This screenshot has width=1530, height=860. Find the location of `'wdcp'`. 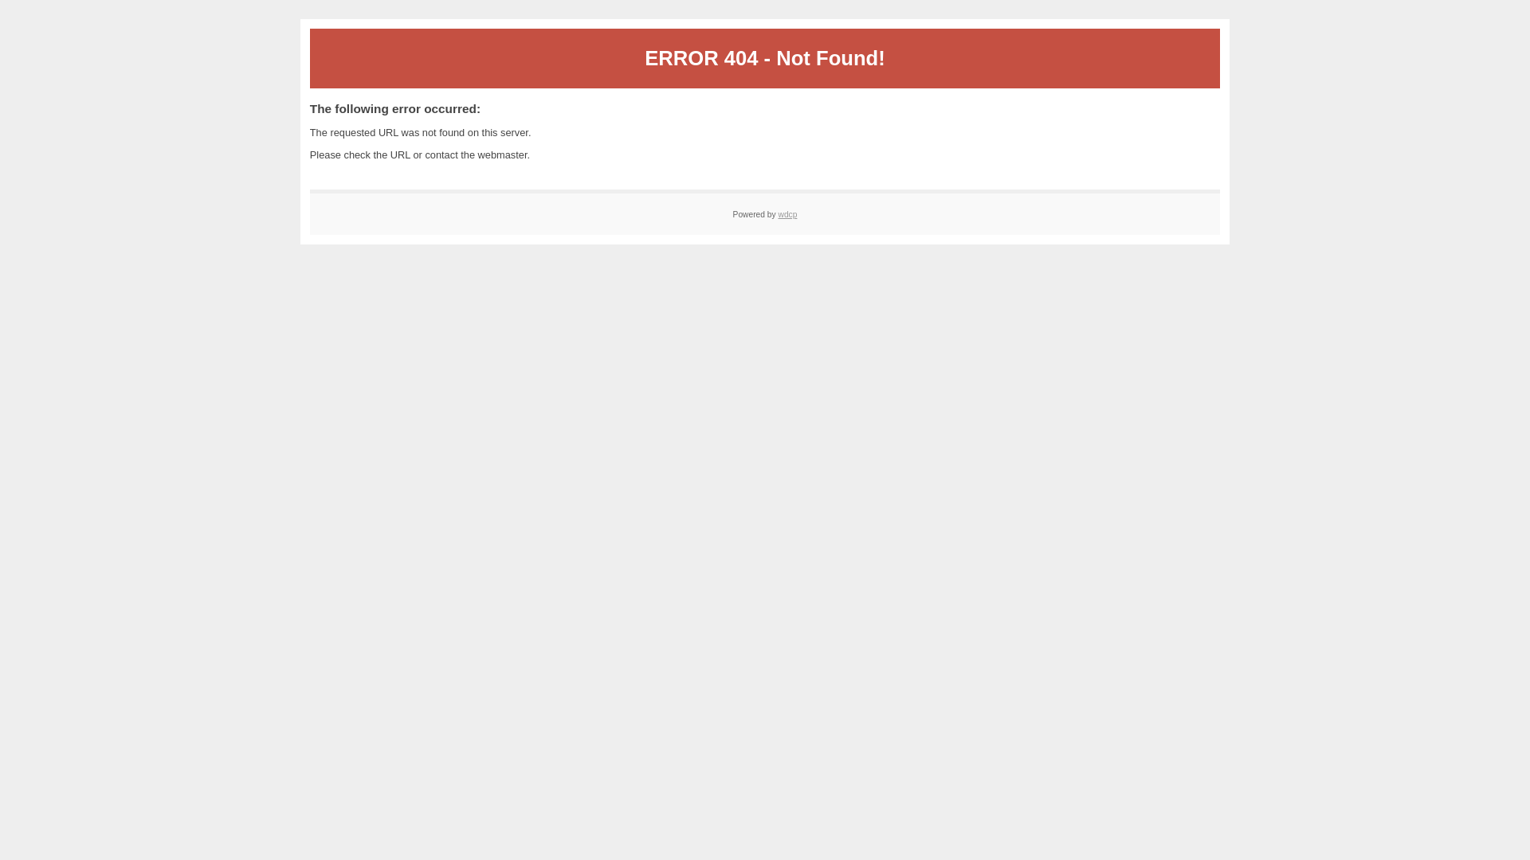

'wdcp' is located at coordinates (787, 213).